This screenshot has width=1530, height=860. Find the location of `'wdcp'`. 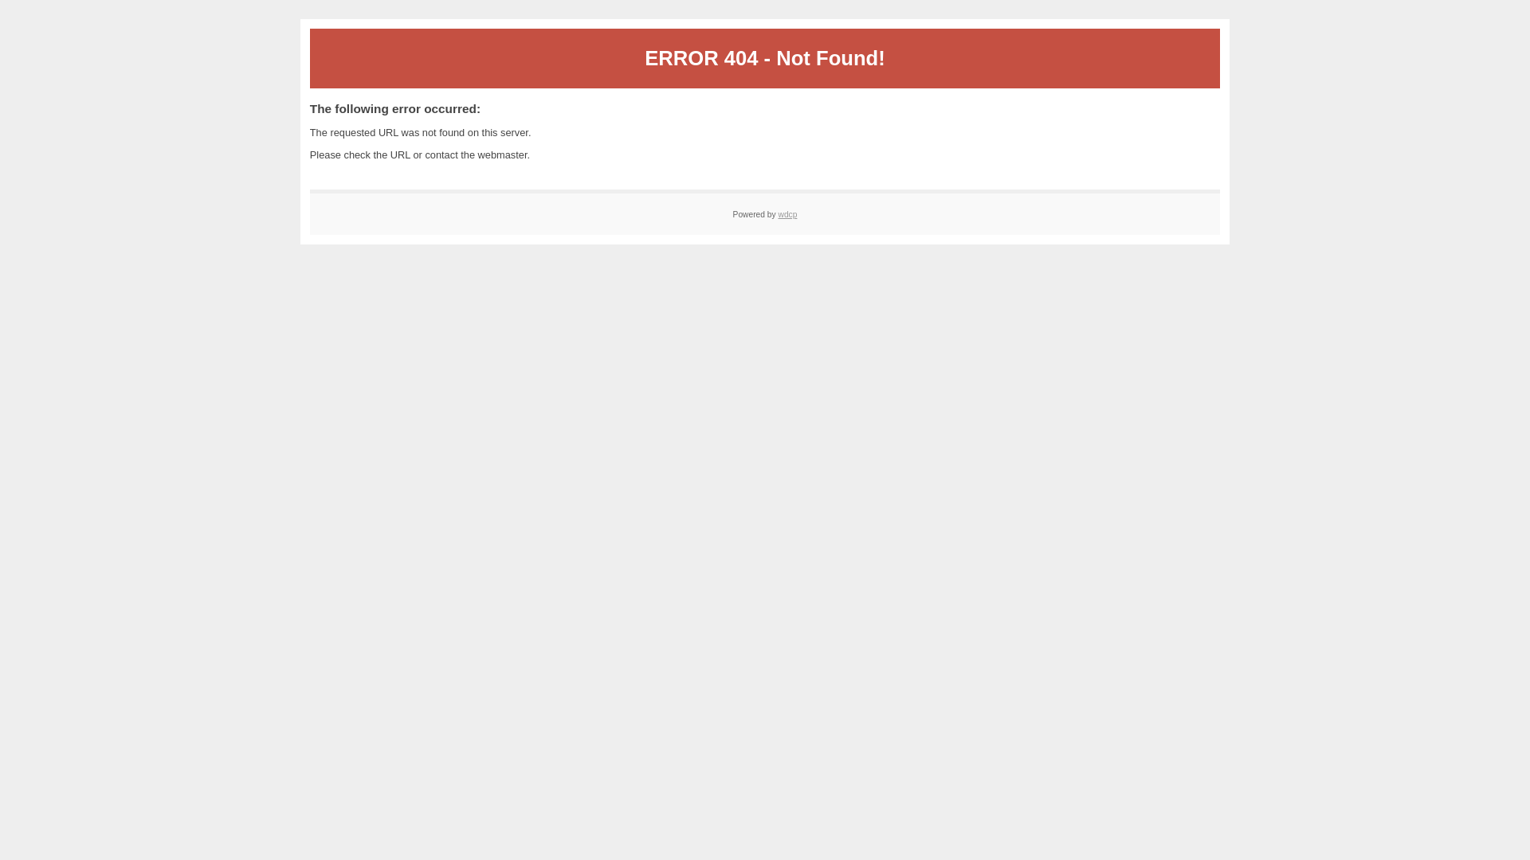

'wdcp' is located at coordinates (787, 213).